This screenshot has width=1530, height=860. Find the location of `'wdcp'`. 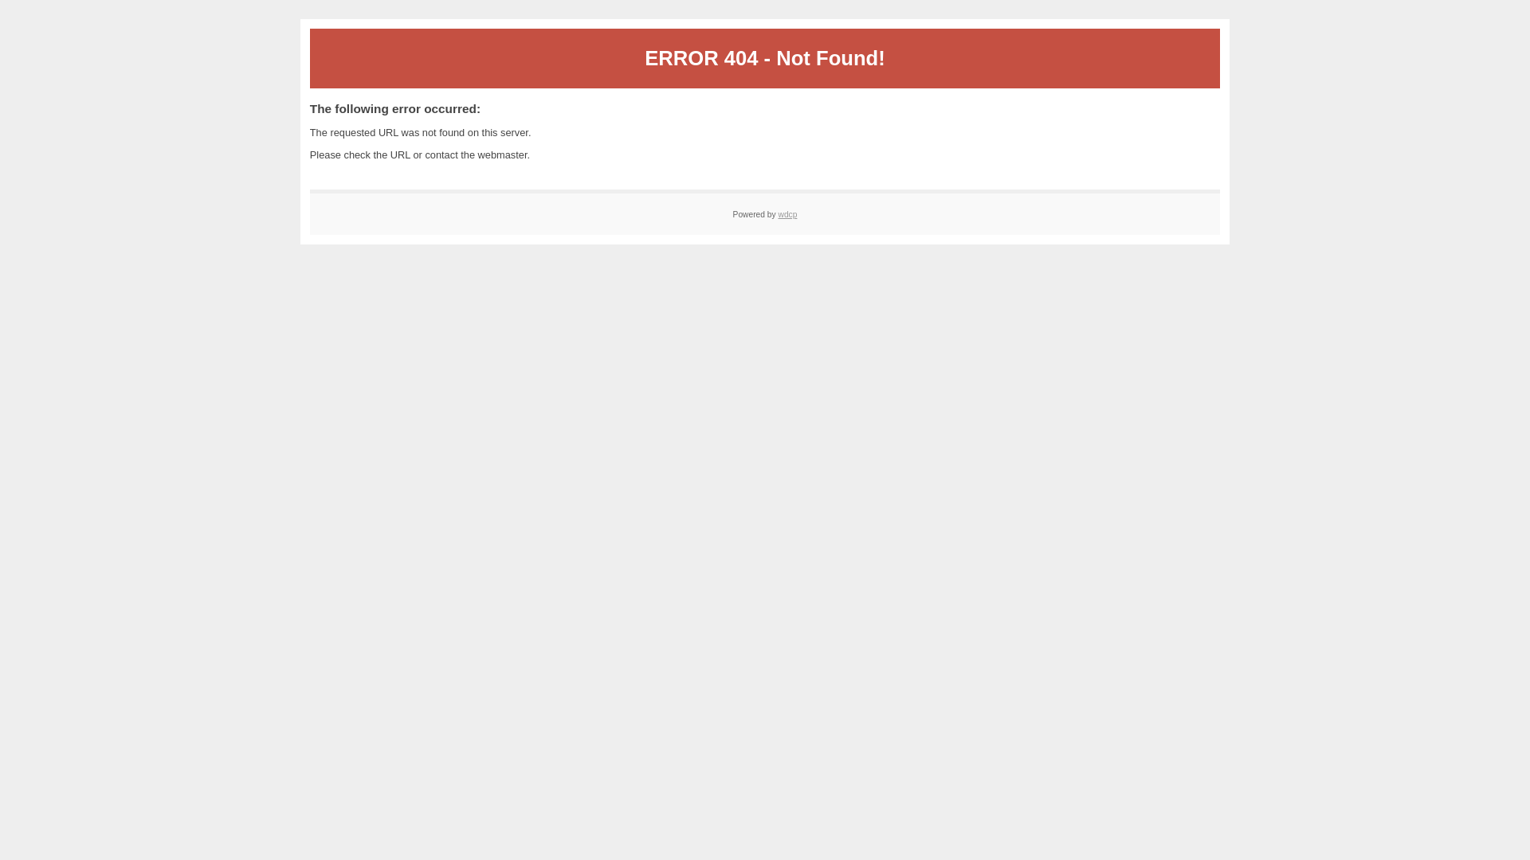

'wdcp' is located at coordinates (787, 213).